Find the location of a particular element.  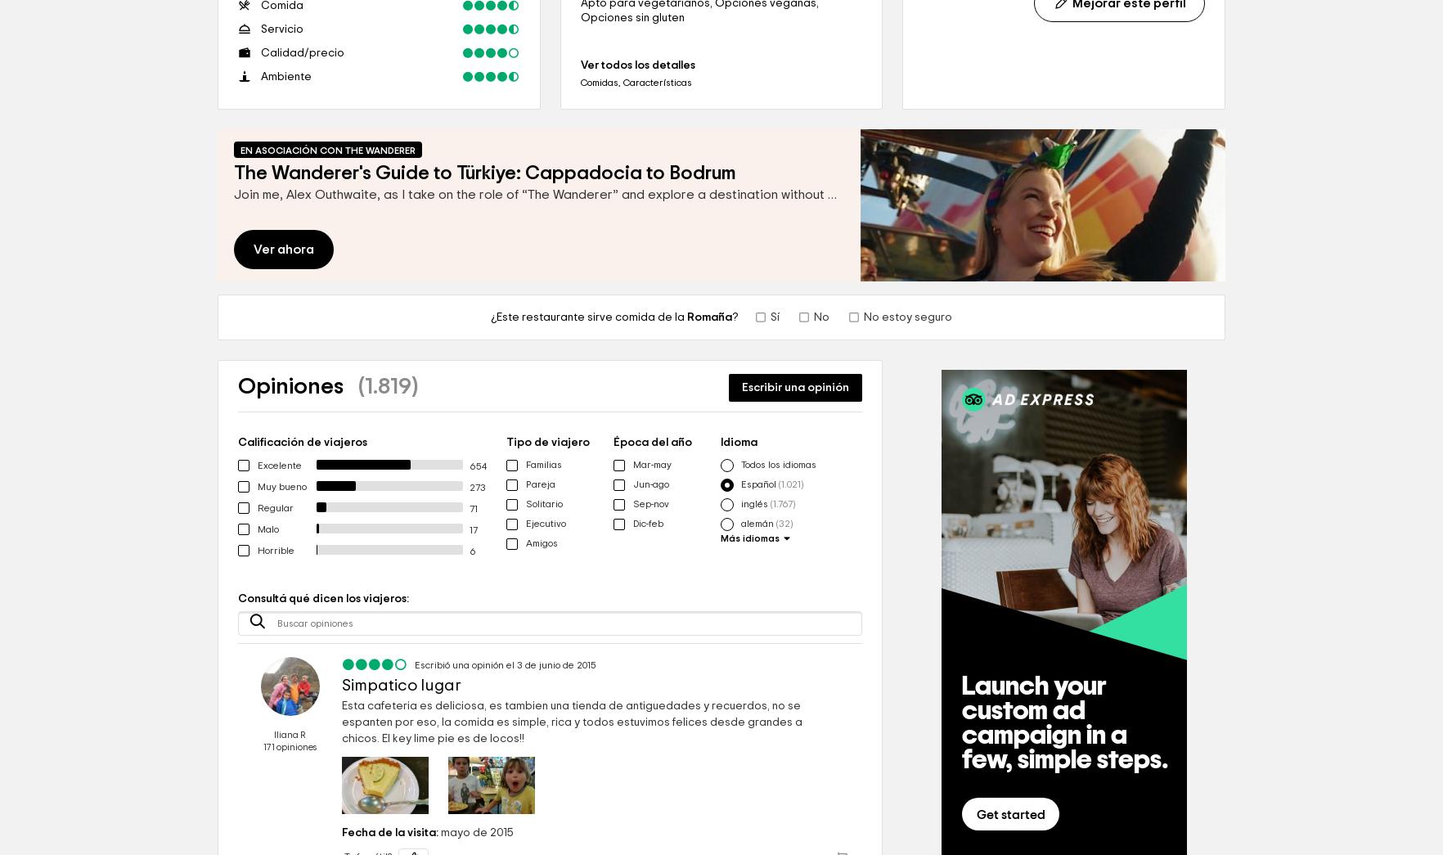

'171 opiniones' is located at coordinates (290, 747).